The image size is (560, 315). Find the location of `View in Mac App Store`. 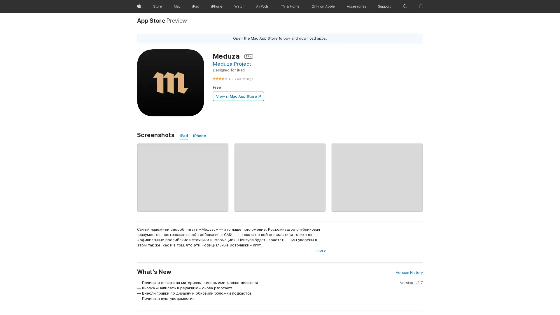

View in Mac App Store is located at coordinates (238, 96).